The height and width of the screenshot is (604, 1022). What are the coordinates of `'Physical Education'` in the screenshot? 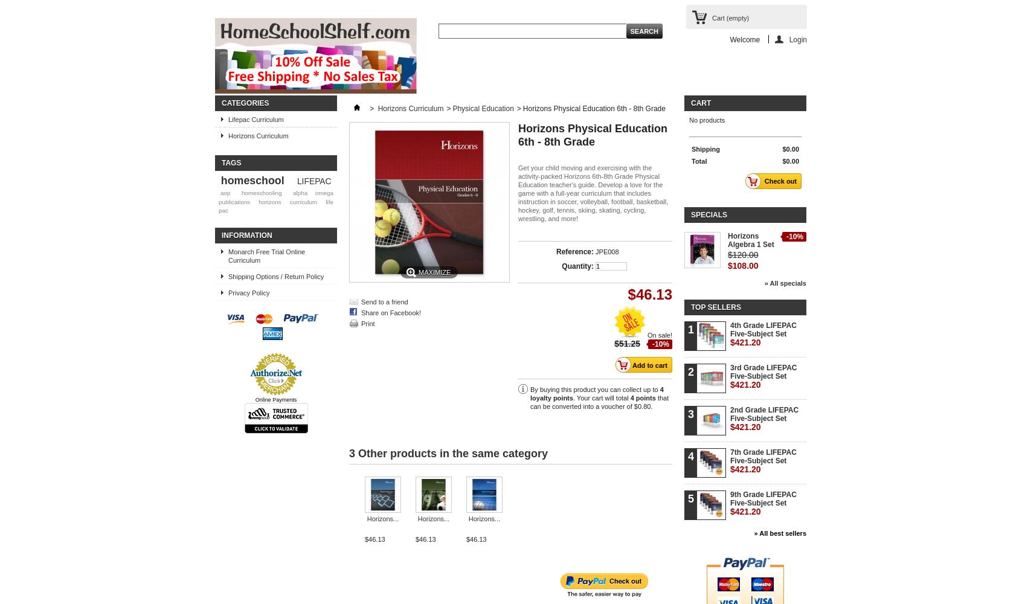 It's located at (483, 109).